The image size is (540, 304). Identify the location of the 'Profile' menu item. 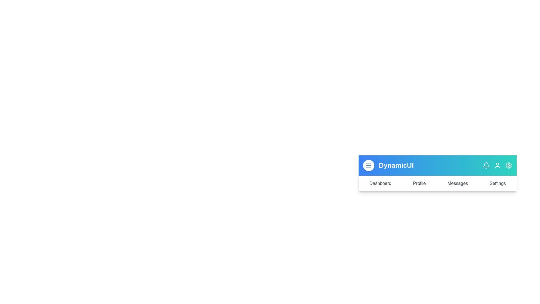
(419, 183).